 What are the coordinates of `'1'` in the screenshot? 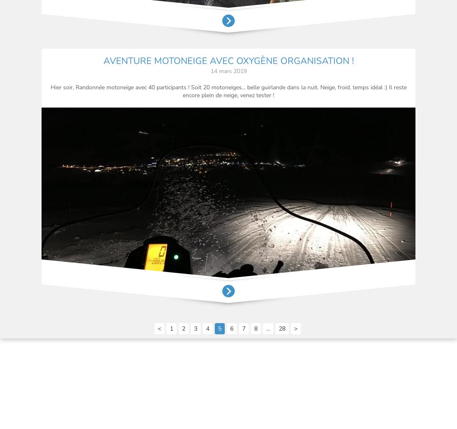 It's located at (171, 328).